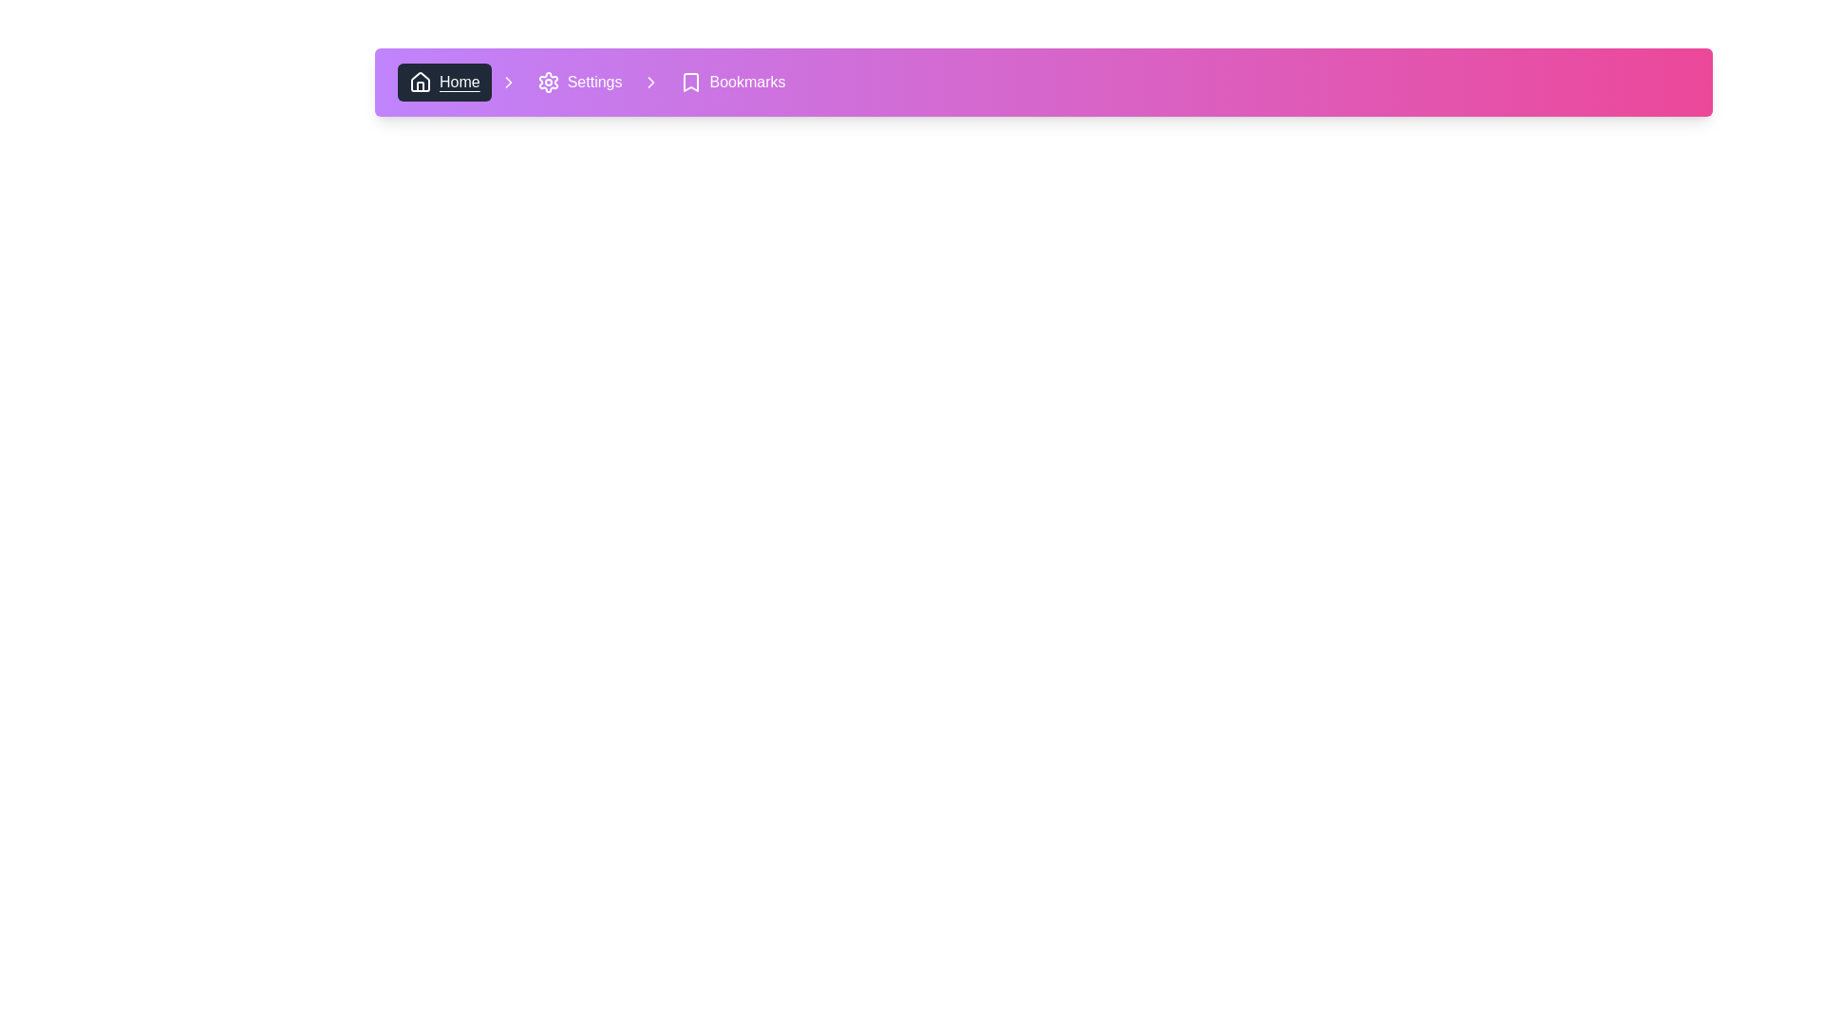  I want to click on the 'Bookmarks' text label in the navigation menu, which is located to the far right of the 'Settings' button and includes an icon to its left, so click(746, 82).